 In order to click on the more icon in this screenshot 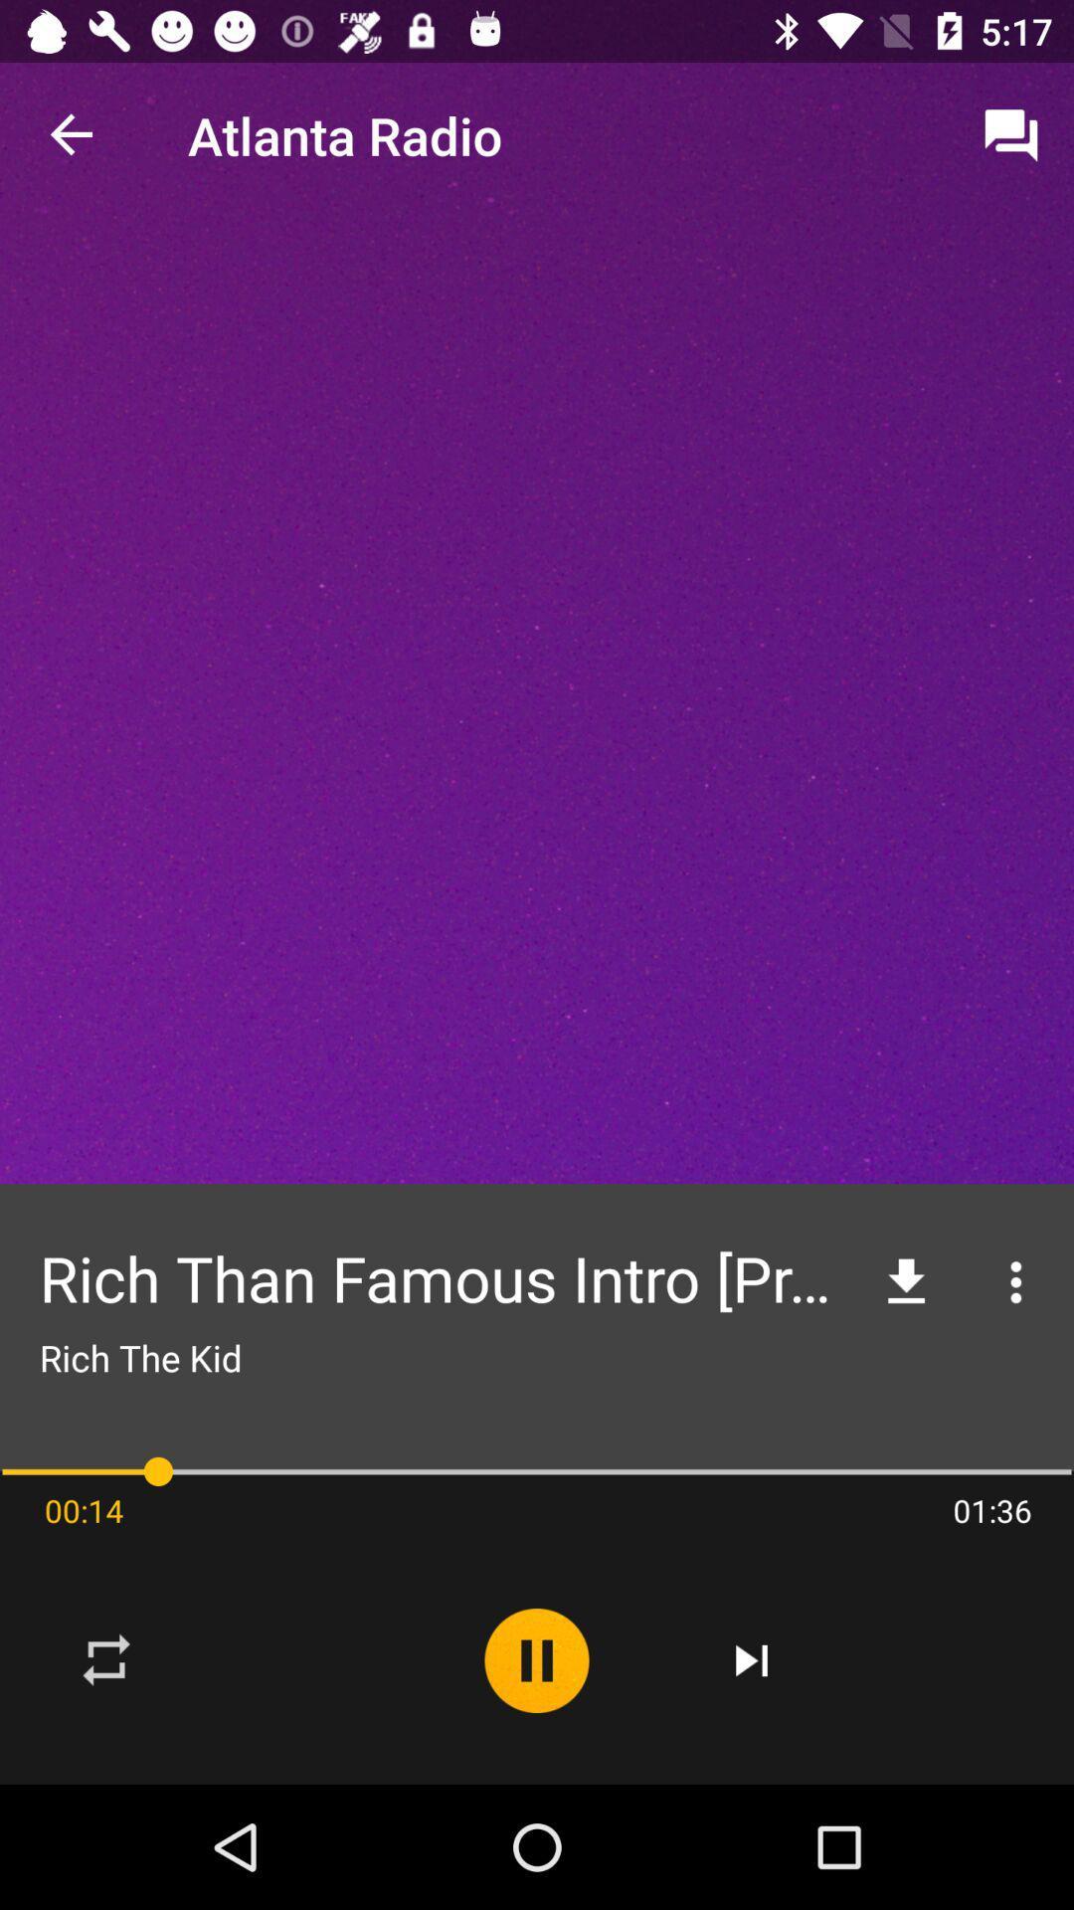, I will do `click(1016, 1282)`.